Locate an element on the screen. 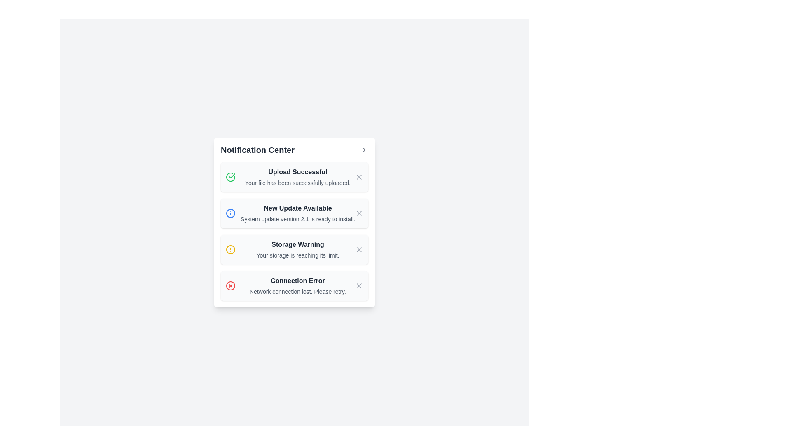  the notification icon indicating success, which is part of the 'Upload Successful' notification card located at the top of the list is located at coordinates (231, 176).